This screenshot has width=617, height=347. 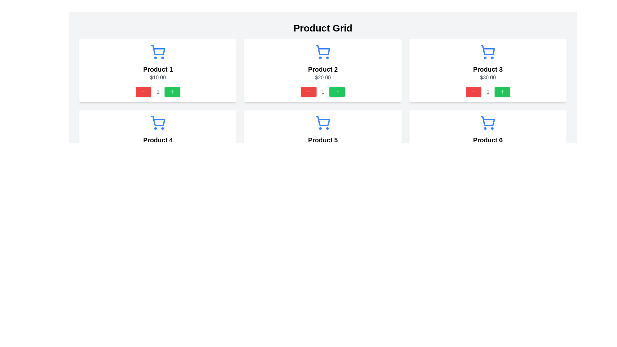 What do you see at coordinates (488, 92) in the screenshot?
I see `the text display showing the current quantity for 'Product 3', which is located in the middle row of the 'Product 3' card, between the decrement (red) and increment (green) buttons` at bounding box center [488, 92].